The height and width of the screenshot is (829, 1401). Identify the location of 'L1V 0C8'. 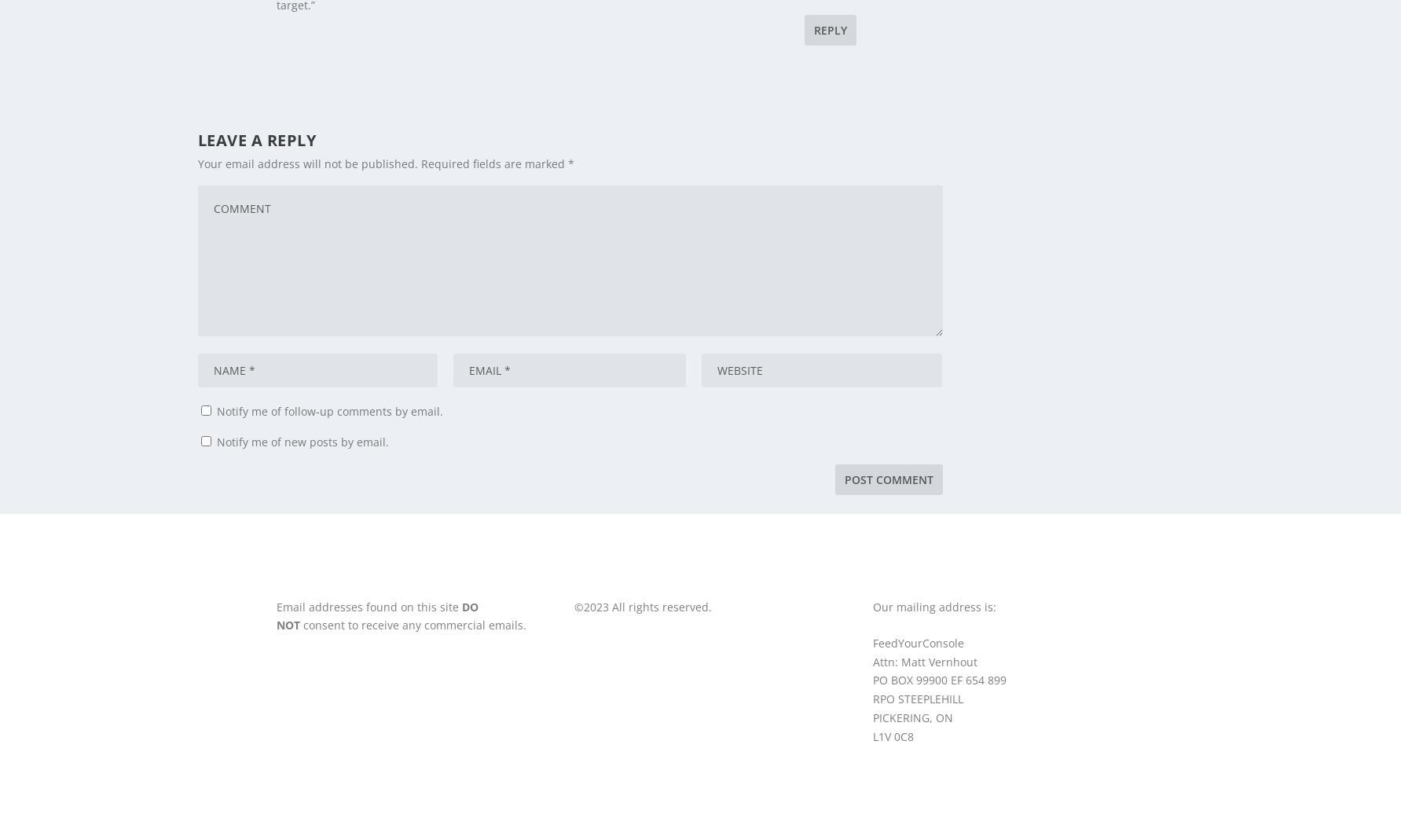
(893, 735).